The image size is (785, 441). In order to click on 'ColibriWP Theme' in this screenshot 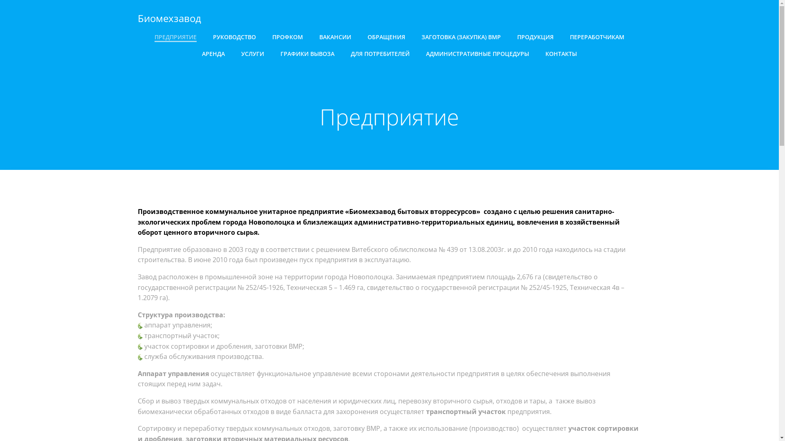, I will do `click(477, 416)`.